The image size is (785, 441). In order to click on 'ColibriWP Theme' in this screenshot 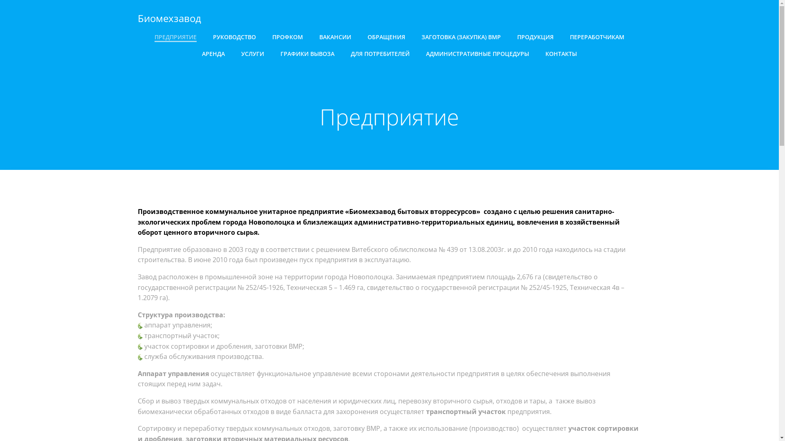, I will do `click(477, 416)`.